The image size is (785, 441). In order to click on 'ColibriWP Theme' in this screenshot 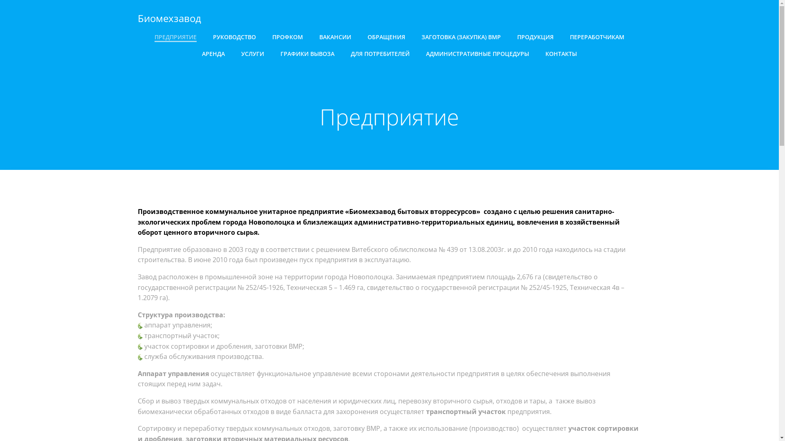, I will do `click(477, 416)`.